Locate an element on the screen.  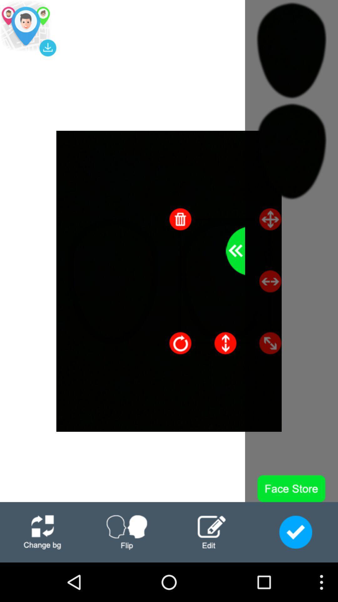
menu option is located at coordinates (42, 532).